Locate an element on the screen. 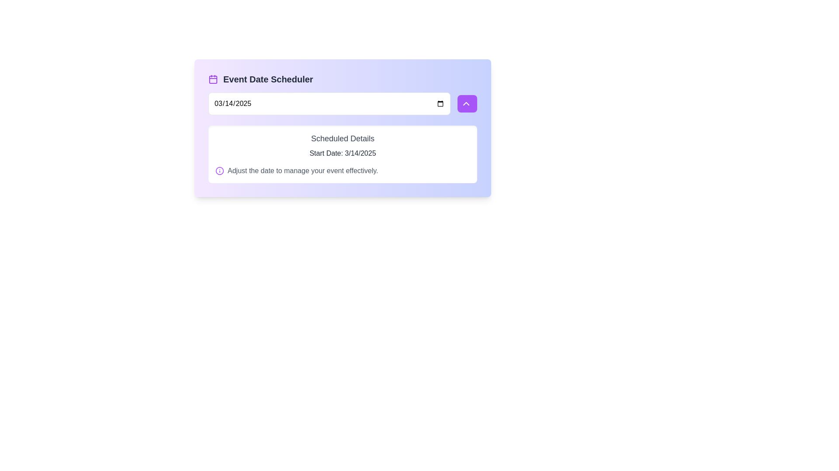 The image size is (839, 471). the button with a purple background and rounded corners, which contains a white upward-pointing chevron icon is located at coordinates (467, 103).